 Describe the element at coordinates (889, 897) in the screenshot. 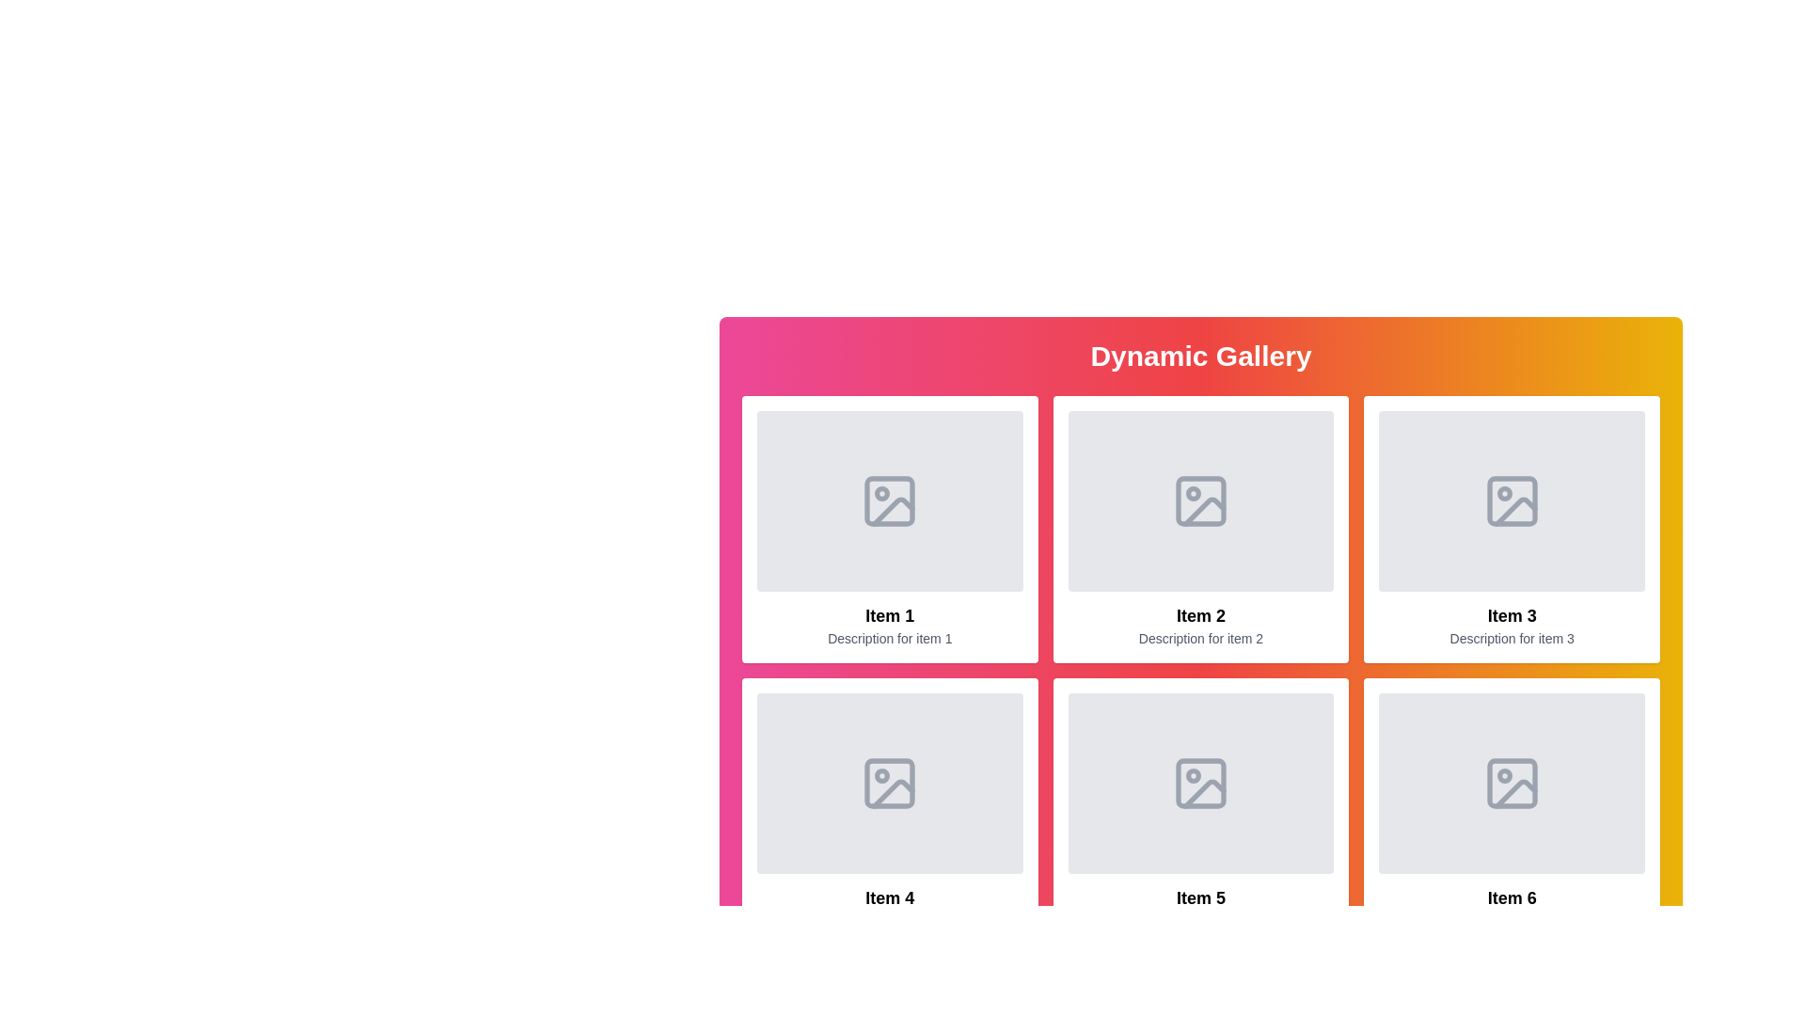

I see `the static text label located in the bottom-left card under the heading 'Dynamic Gallery', which serves as a title identifier for the content block` at that location.